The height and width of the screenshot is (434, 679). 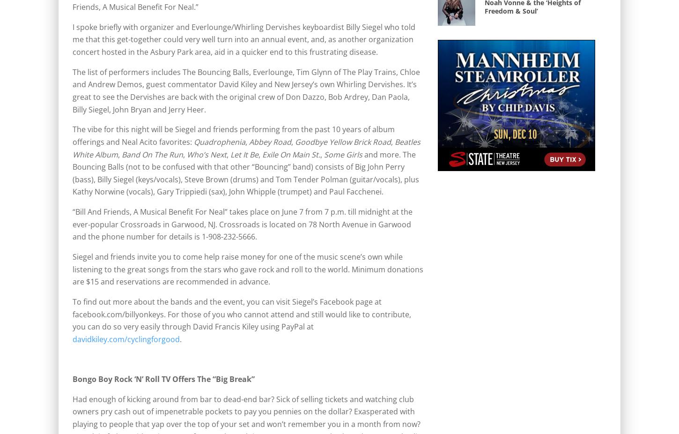 I want to click on 'Siegel and friends invite you to come help raise money for one of the music scene’s own while listening to the great songs from the stars who gave rock and roll to the world. Minimum donations are $15 and reservations are recommended in advance.', so click(x=72, y=269).